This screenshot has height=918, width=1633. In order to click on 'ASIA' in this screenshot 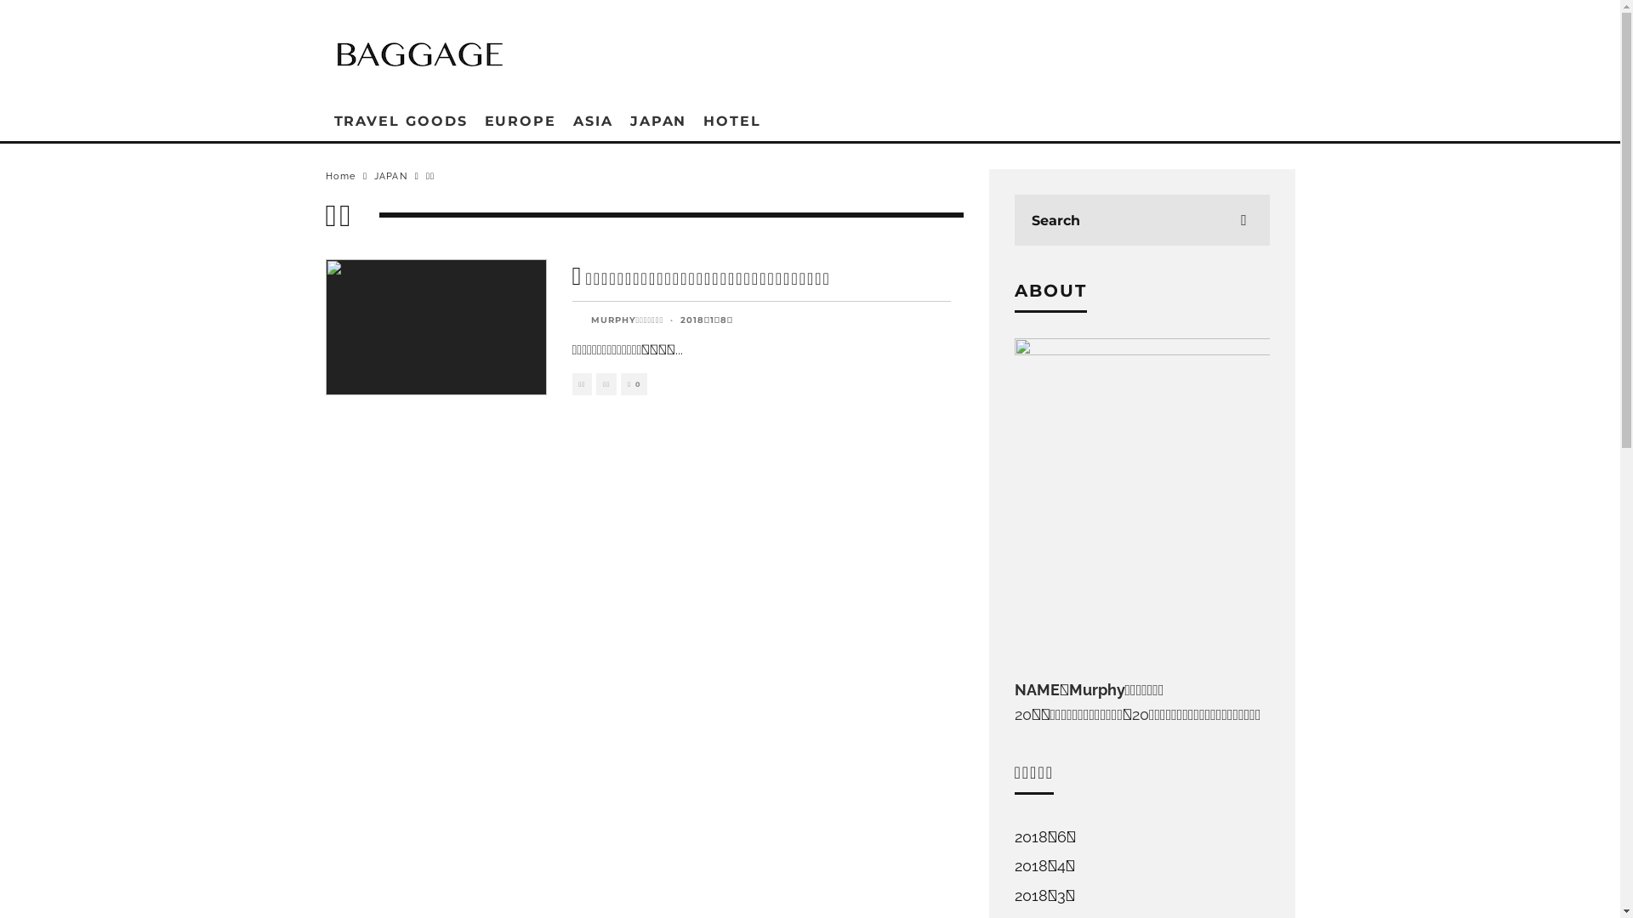, I will do `click(564, 120)`.